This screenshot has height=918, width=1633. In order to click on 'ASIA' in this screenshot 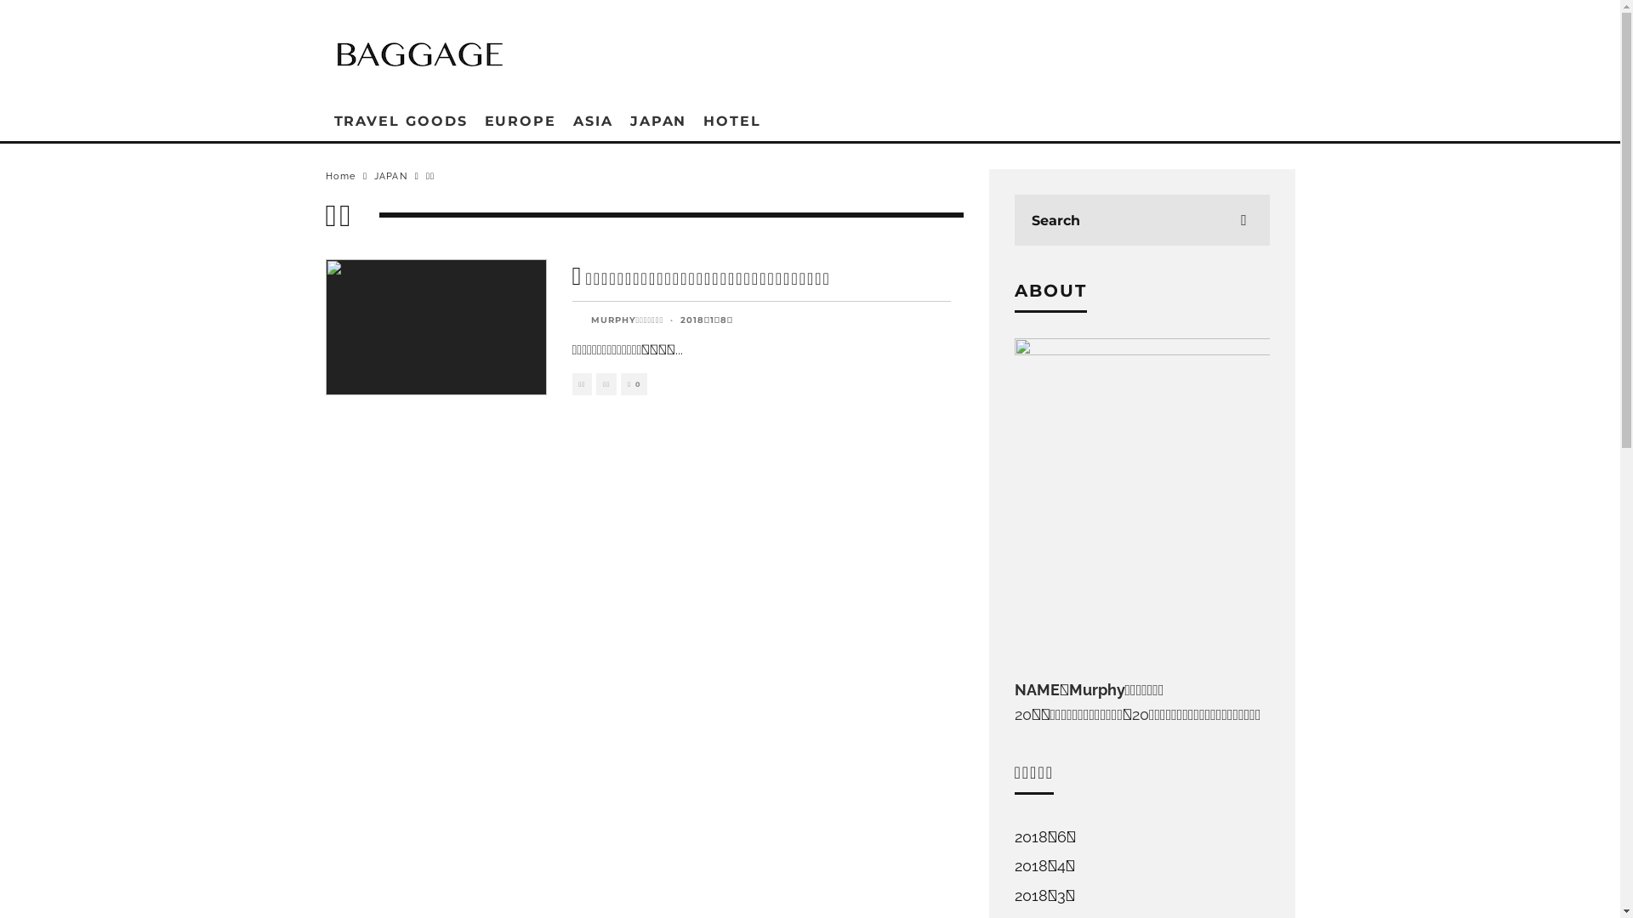, I will do `click(564, 120)`.